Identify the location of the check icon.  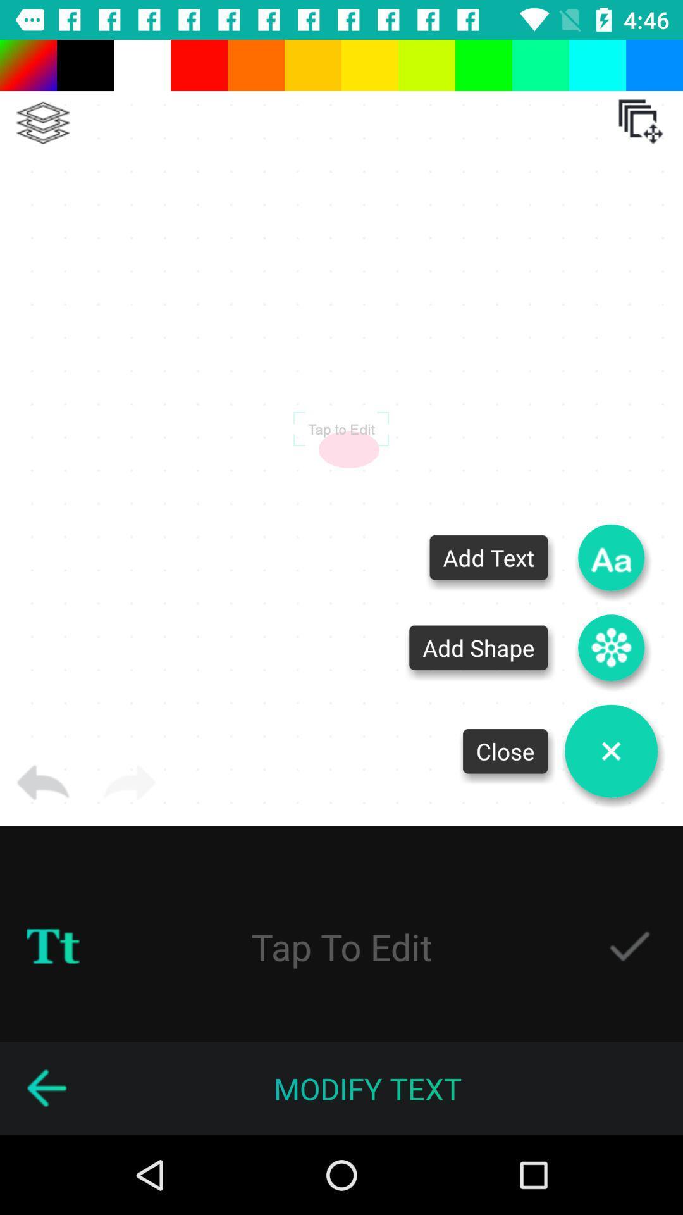
(629, 947).